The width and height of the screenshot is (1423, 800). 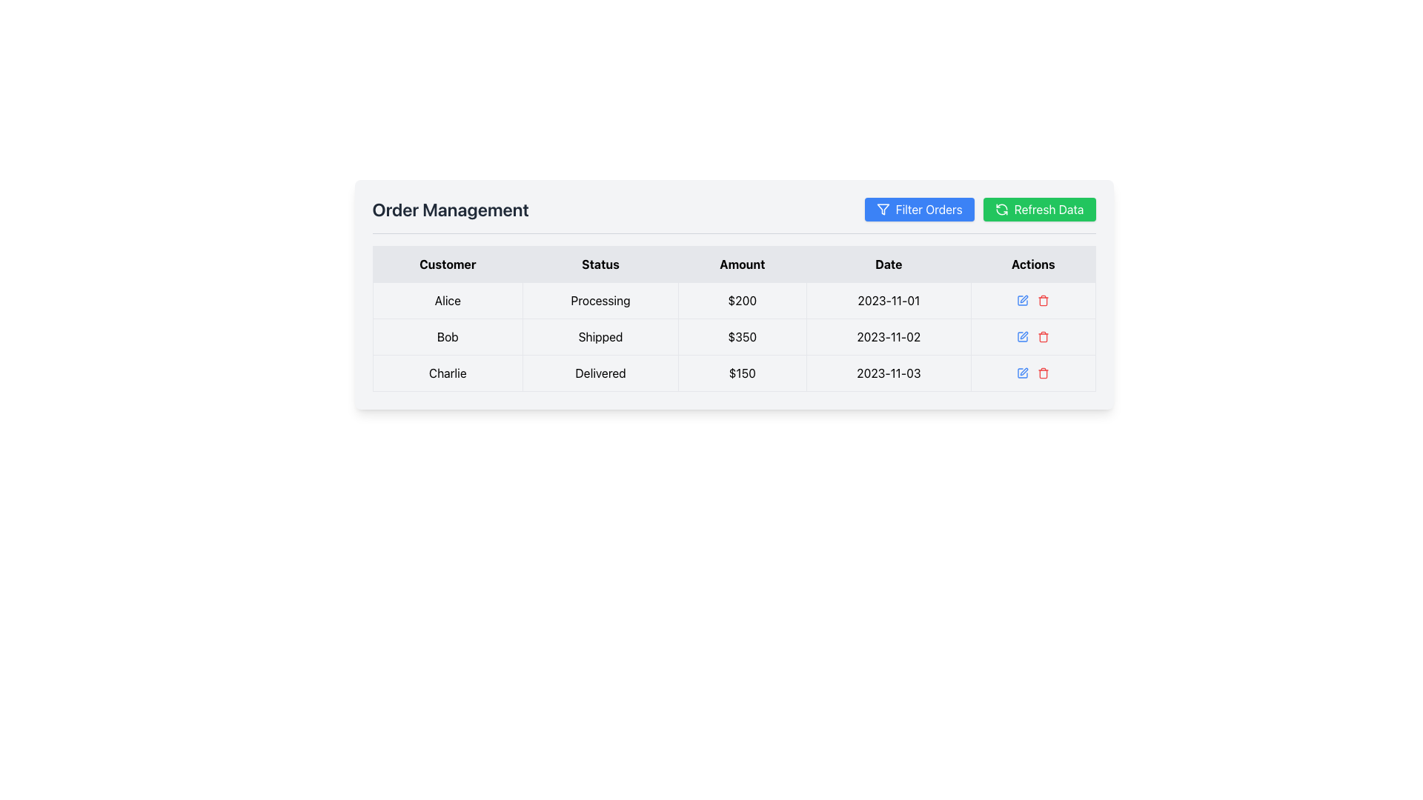 I want to click on the Text Display element showing the date '2023-11-03' in the 'Date' column of the third row, which is centrally aligned within a bordered box, so click(x=889, y=373).